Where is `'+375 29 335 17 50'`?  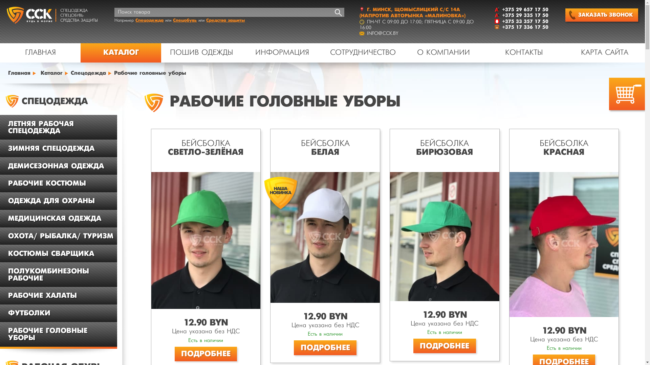 '+375 29 335 17 50' is located at coordinates (525, 15).